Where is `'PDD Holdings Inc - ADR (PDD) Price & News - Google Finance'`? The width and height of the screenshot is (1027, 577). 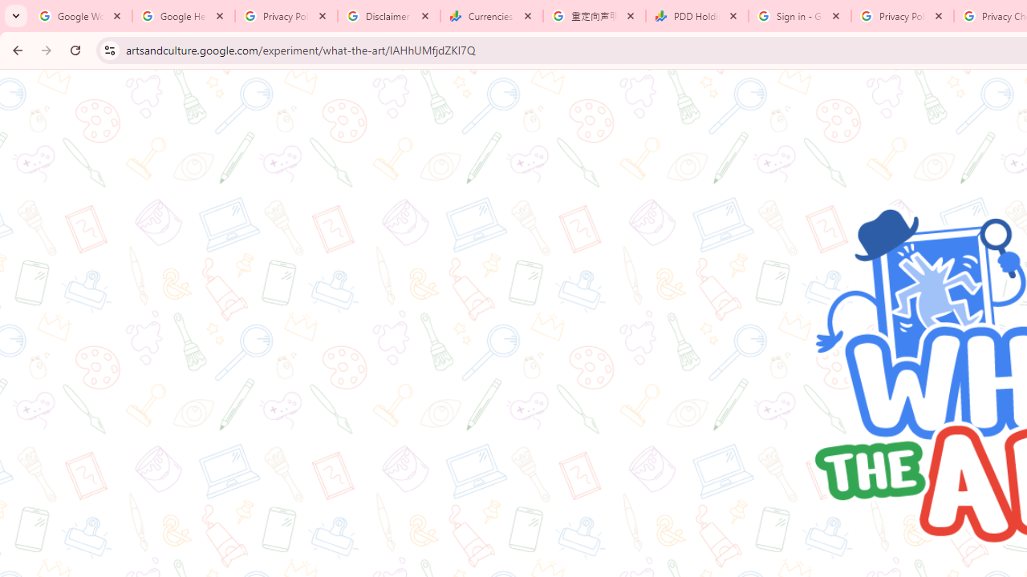 'PDD Holdings Inc - ADR (PDD) Price & News - Google Finance' is located at coordinates (697, 16).